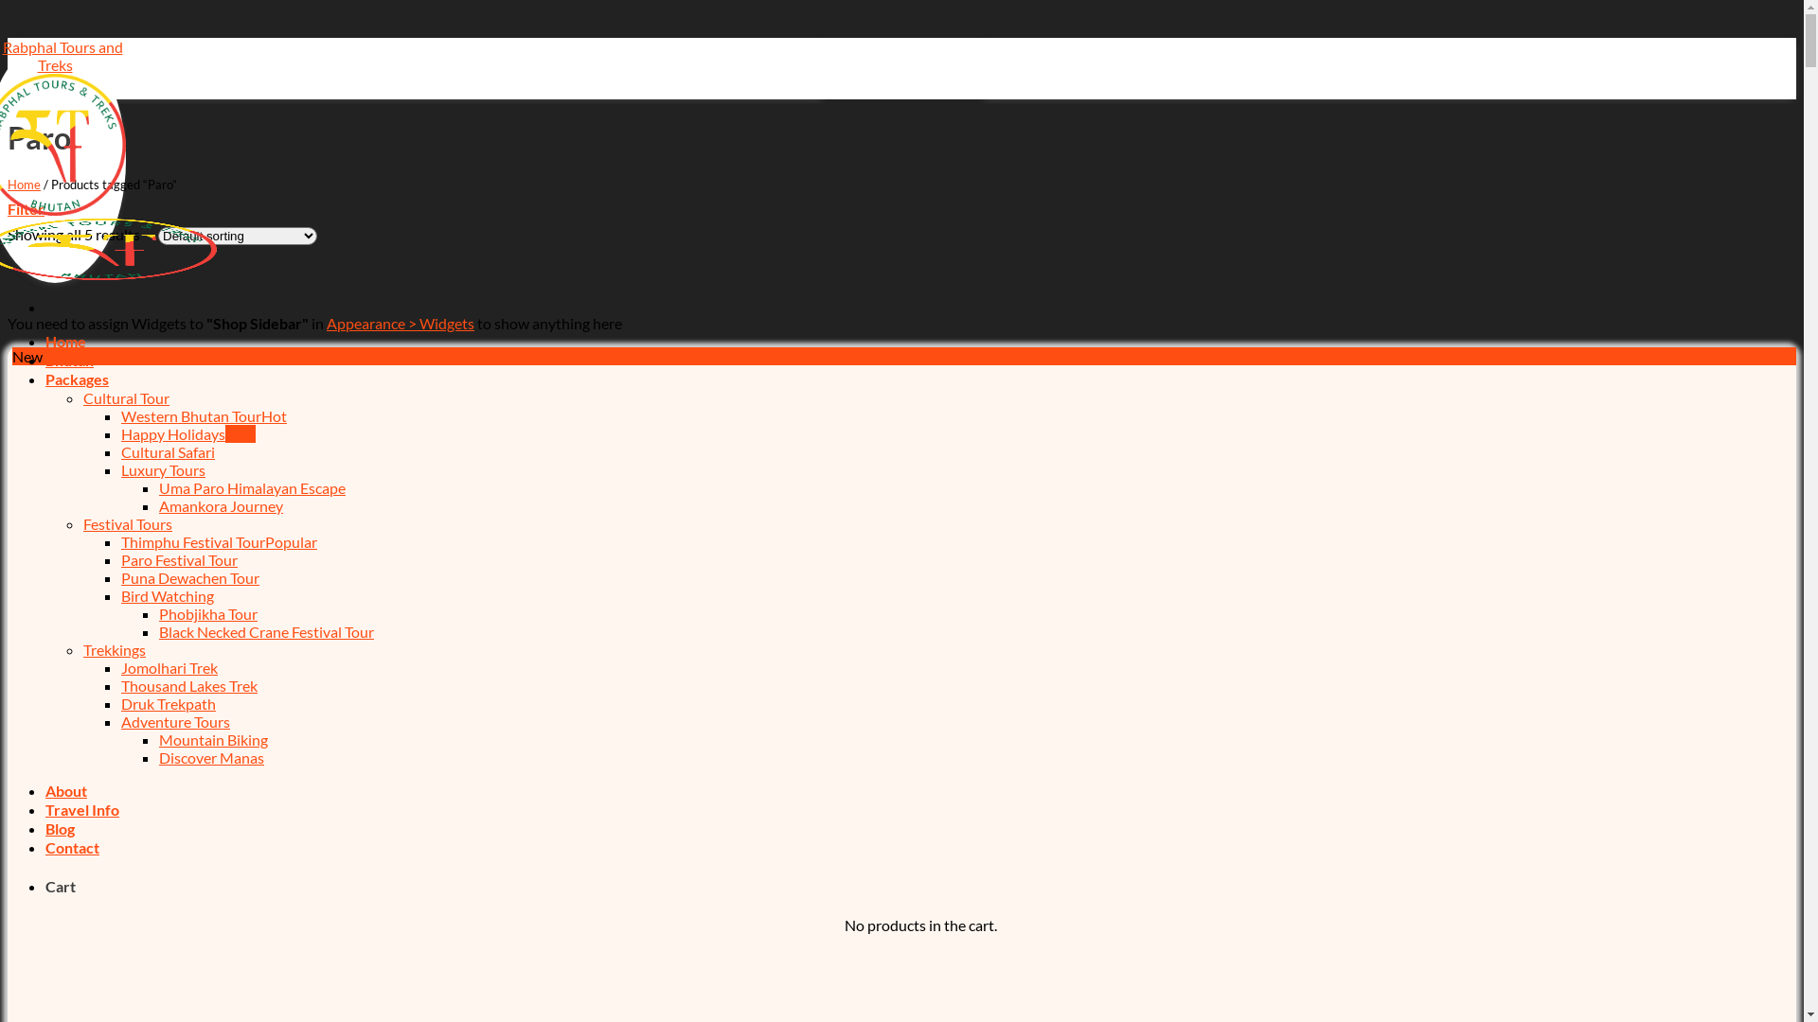 This screenshot has width=1818, height=1022. What do you see at coordinates (6, 37) in the screenshot?
I see `'Skip to content'` at bounding box center [6, 37].